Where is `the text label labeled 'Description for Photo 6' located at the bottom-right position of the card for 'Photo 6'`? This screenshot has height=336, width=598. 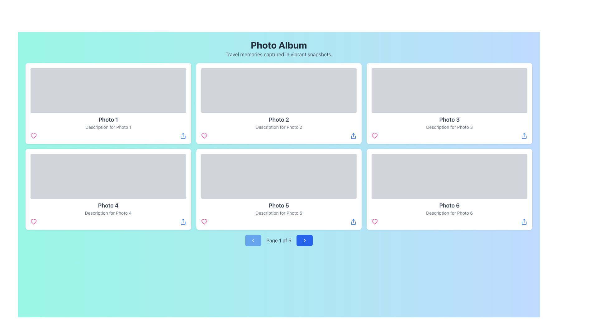 the text label labeled 'Description for Photo 6' located at the bottom-right position of the card for 'Photo 6' is located at coordinates (449, 213).